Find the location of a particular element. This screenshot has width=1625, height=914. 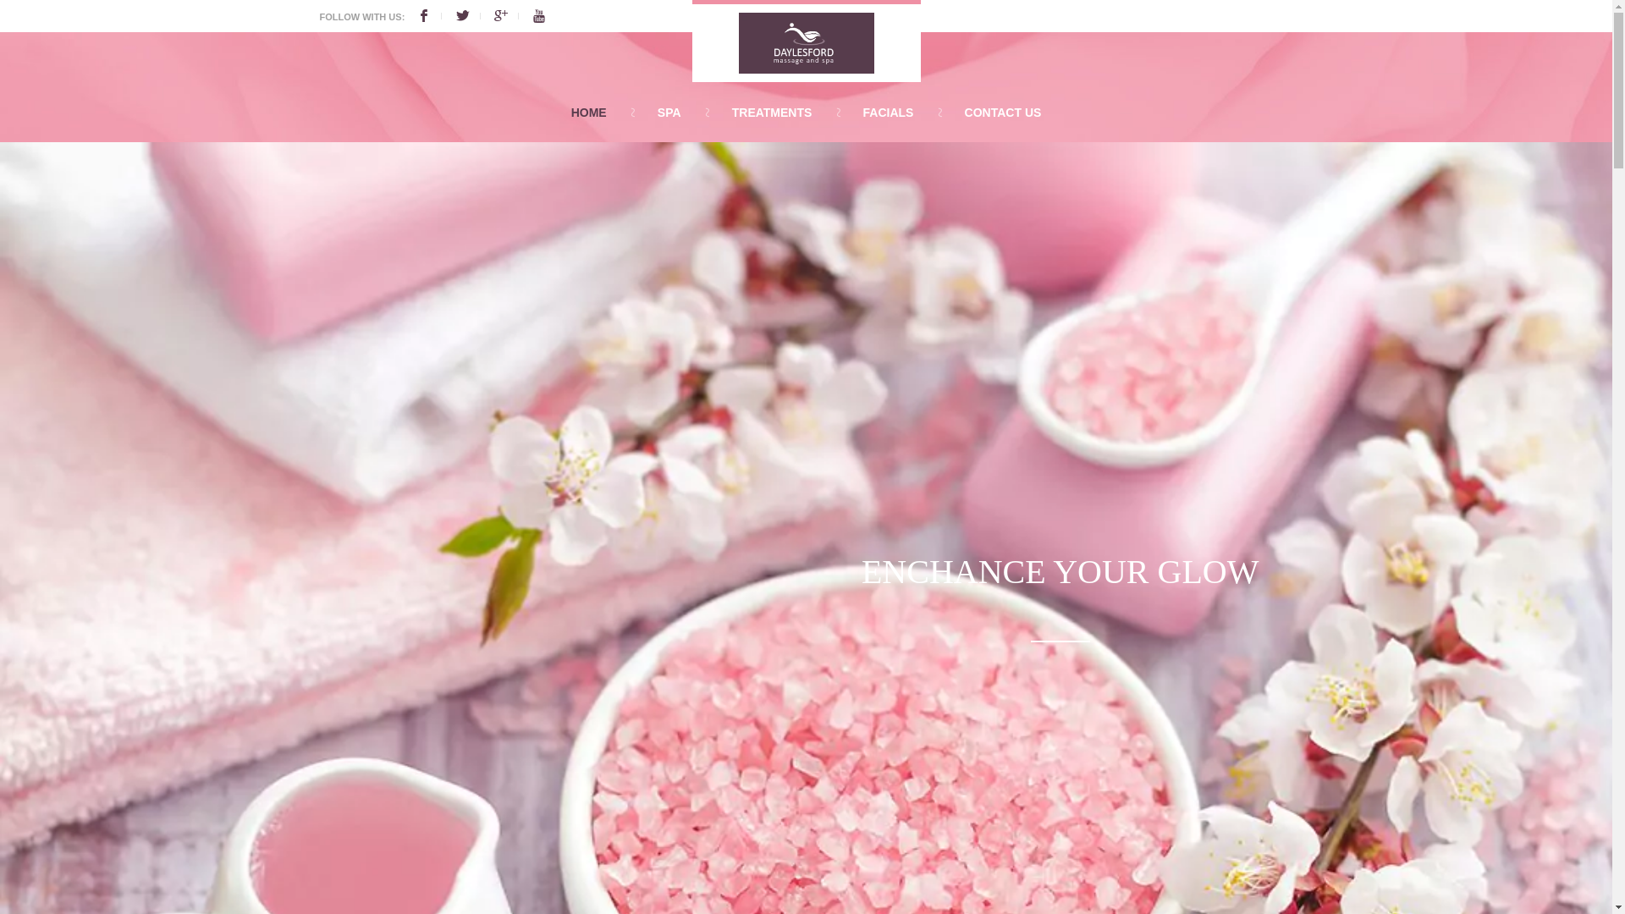

'Youtube' is located at coordinates (538, 16).